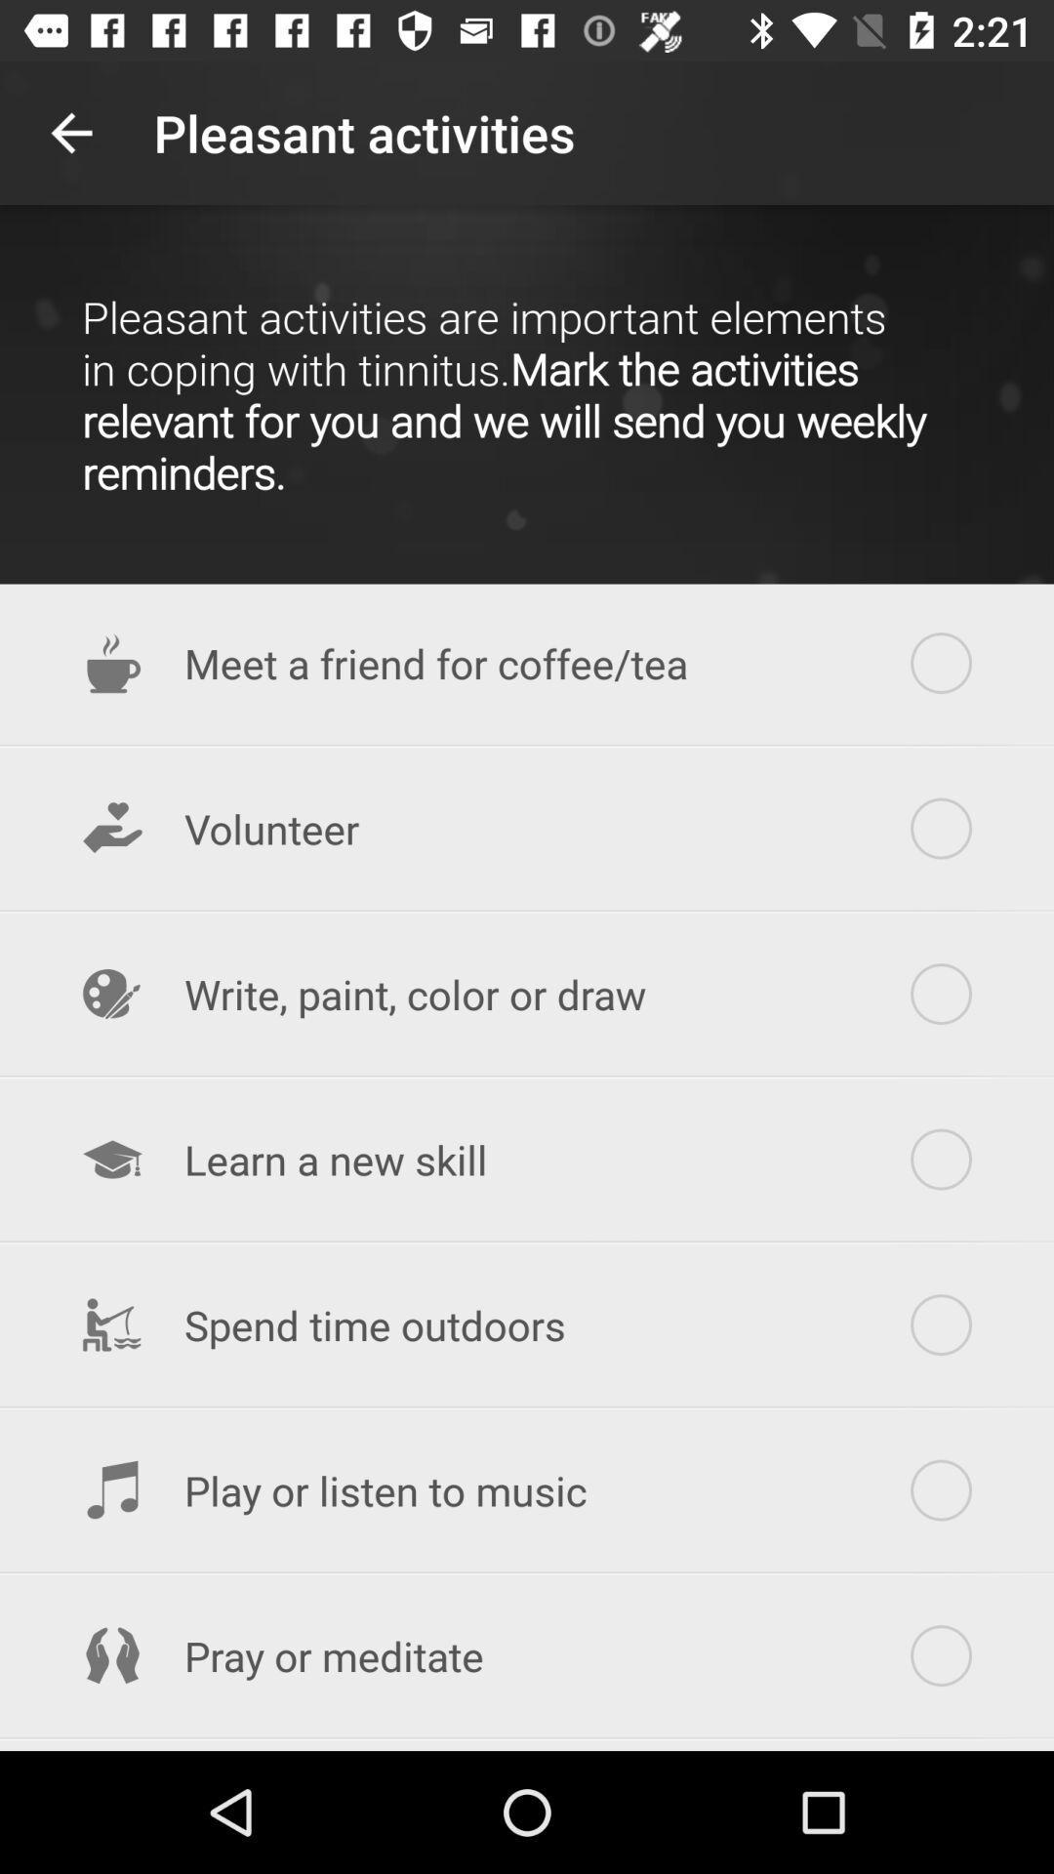 This screenshot has height=1874, width=1054. What do you see at coordinates (527, 1489) in the screenshot?
I see `the icon below spend time outdoors icon` at bounding box center [527, 1489].